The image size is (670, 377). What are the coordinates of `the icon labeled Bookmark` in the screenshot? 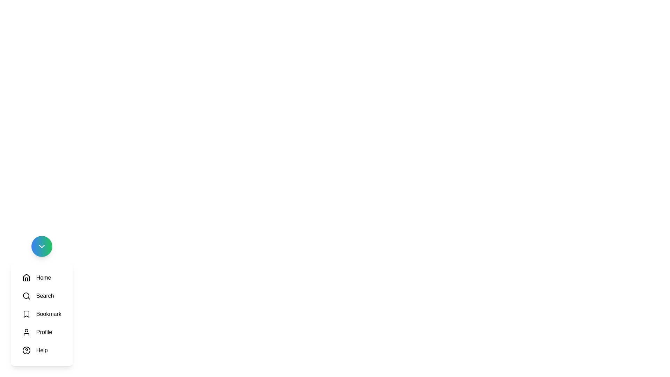 It's located at (42, 313).